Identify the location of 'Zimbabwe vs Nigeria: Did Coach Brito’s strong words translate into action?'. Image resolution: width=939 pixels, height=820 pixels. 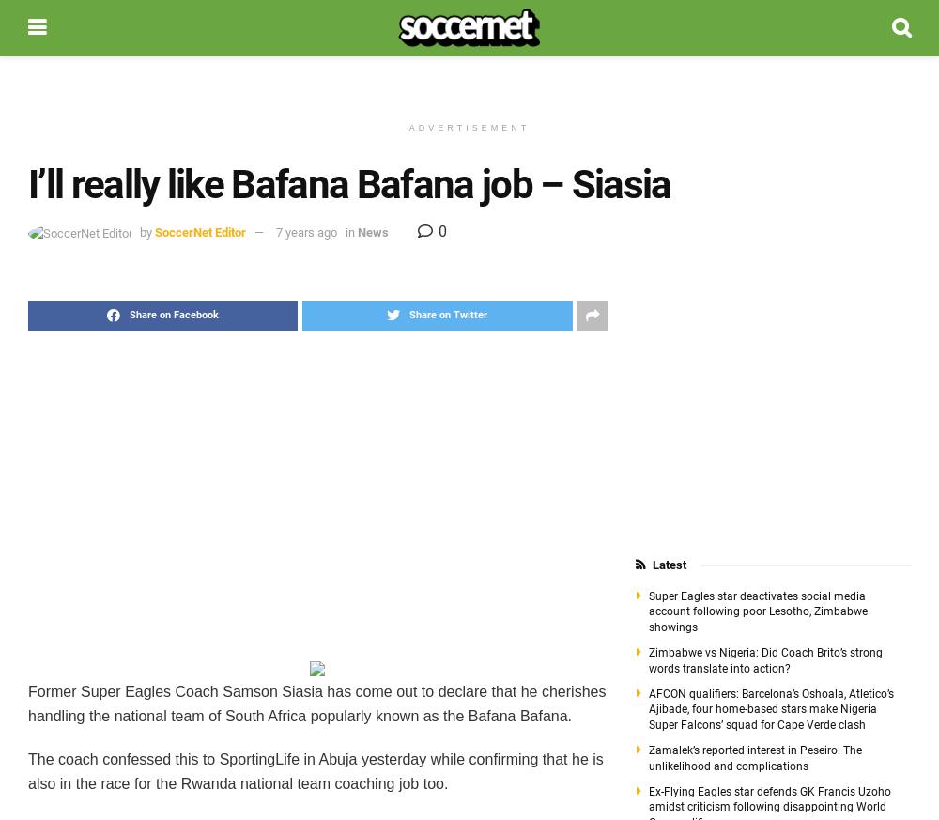
(763, 659).